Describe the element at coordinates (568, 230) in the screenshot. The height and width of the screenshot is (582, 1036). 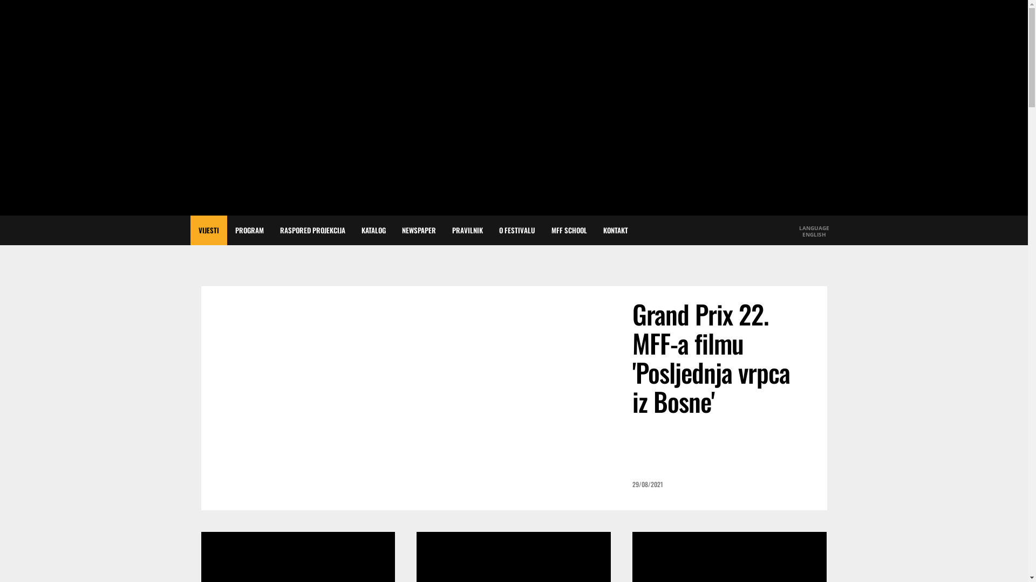
I see `'MFF SCHOOL'` at that location.